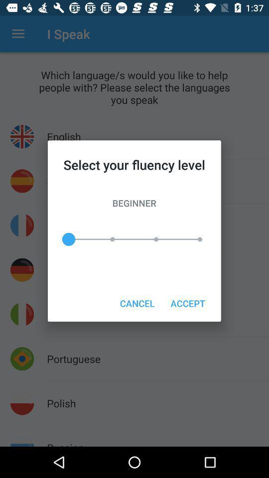 The height and width of the screenshot is (478, 269). Describe the element at coordinates (188, 303) in the screenshot. I see `the accept item` at that location.